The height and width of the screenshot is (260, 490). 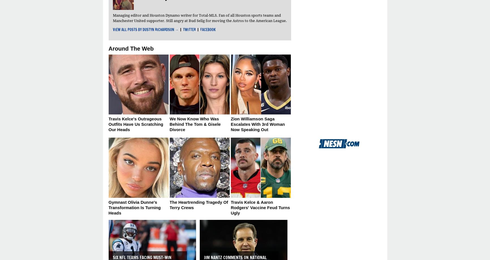 I want to click on 'The Heartrending Tragedy Of Terry Crews', so click(x=169, y=205).